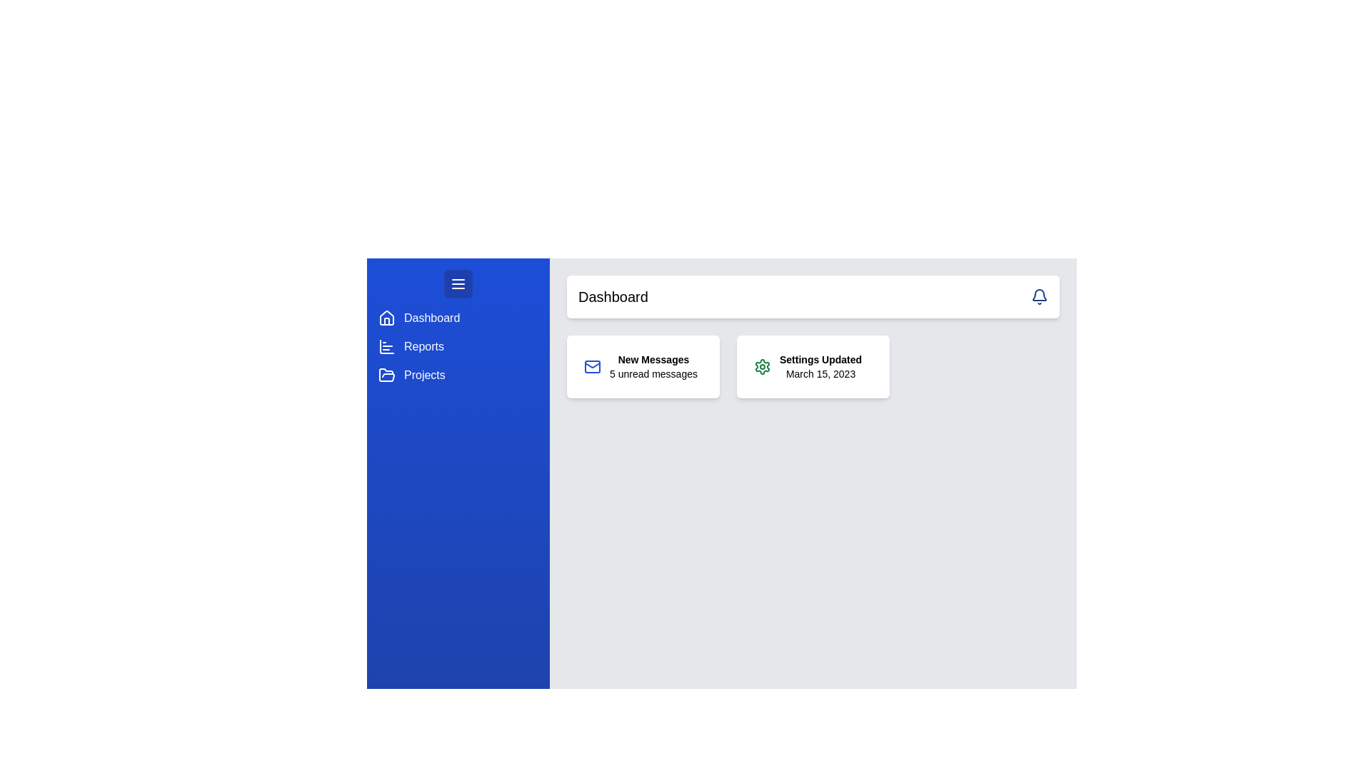 The width and height of the screenshot is (1371, 771). What do you see at coordinates (458, 283) in the screenshot?
I see `the blue rectangular button with a three-line hamburger menu icon, located` at bounding box center [458, 283].